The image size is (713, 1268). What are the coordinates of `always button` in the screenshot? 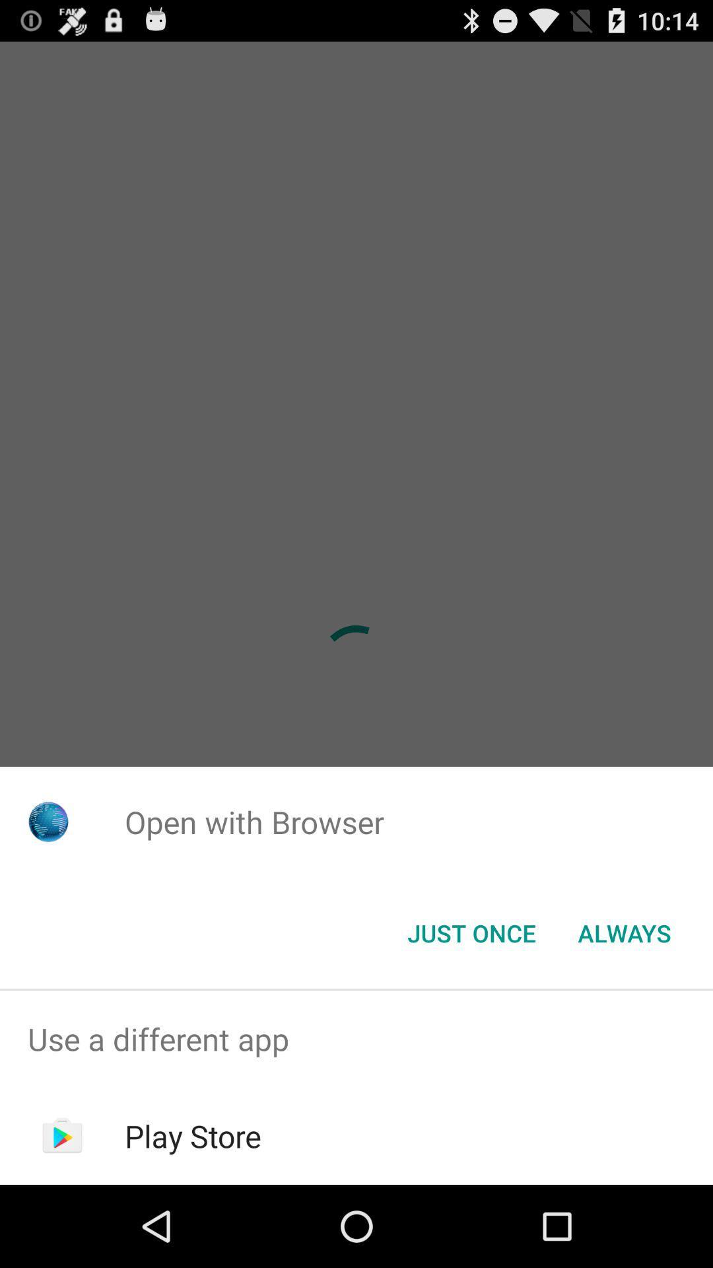 It's located at (624, 932).